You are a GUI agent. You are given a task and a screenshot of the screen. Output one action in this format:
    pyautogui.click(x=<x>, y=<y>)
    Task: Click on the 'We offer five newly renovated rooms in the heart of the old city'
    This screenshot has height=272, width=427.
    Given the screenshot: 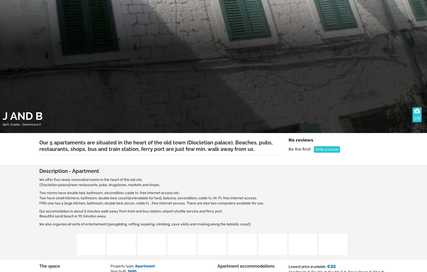 What is the action you would take?
    pyautogui.click(x=91, y=179)
    